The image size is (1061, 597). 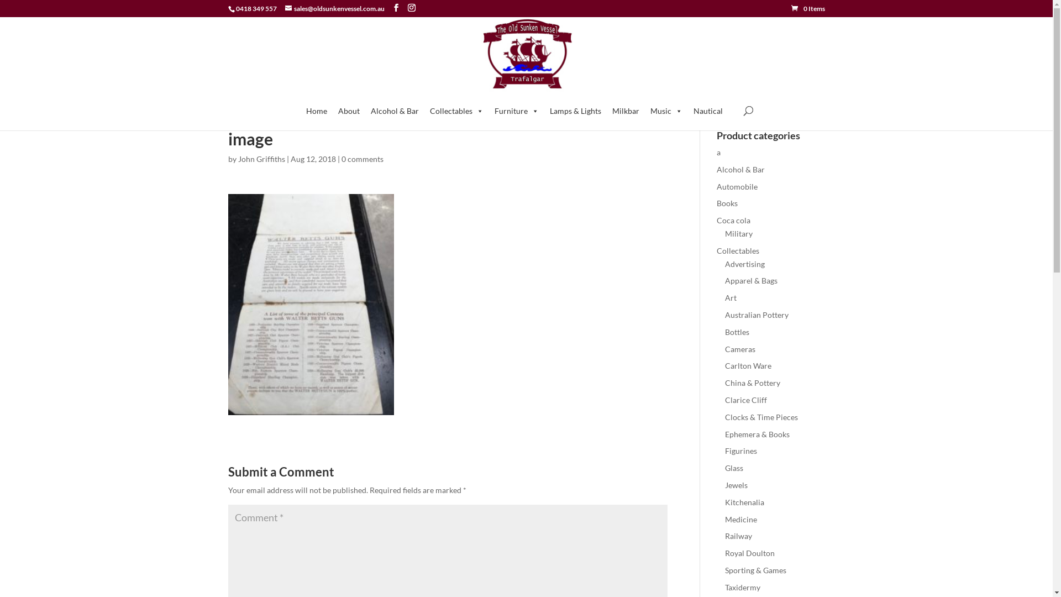 I want to click on 'Automobile', so click(x=737, y=186).